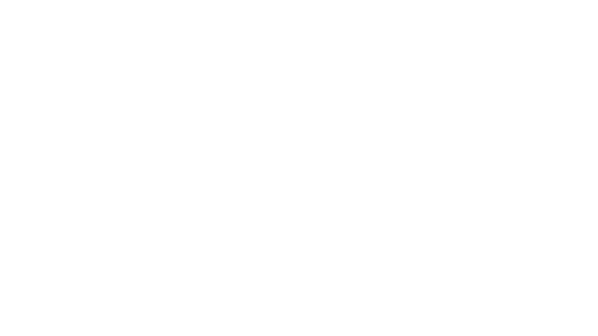  I want to click on ,By logging in, I accept the AAdvantage terms and conditions., so click(178, 188).